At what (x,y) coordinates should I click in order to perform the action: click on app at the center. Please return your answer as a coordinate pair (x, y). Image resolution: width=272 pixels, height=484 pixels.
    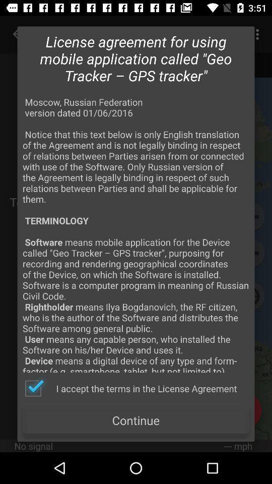
    Looking at the image, I should click on (136, 234).